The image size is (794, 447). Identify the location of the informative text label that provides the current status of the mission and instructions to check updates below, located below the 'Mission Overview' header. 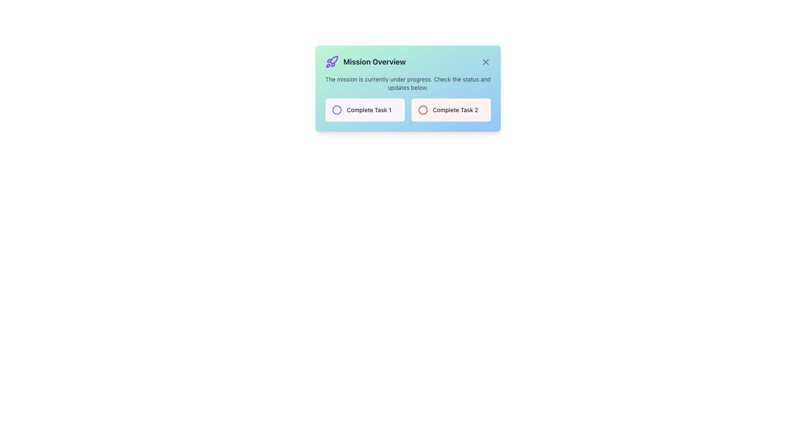
(408, 83).